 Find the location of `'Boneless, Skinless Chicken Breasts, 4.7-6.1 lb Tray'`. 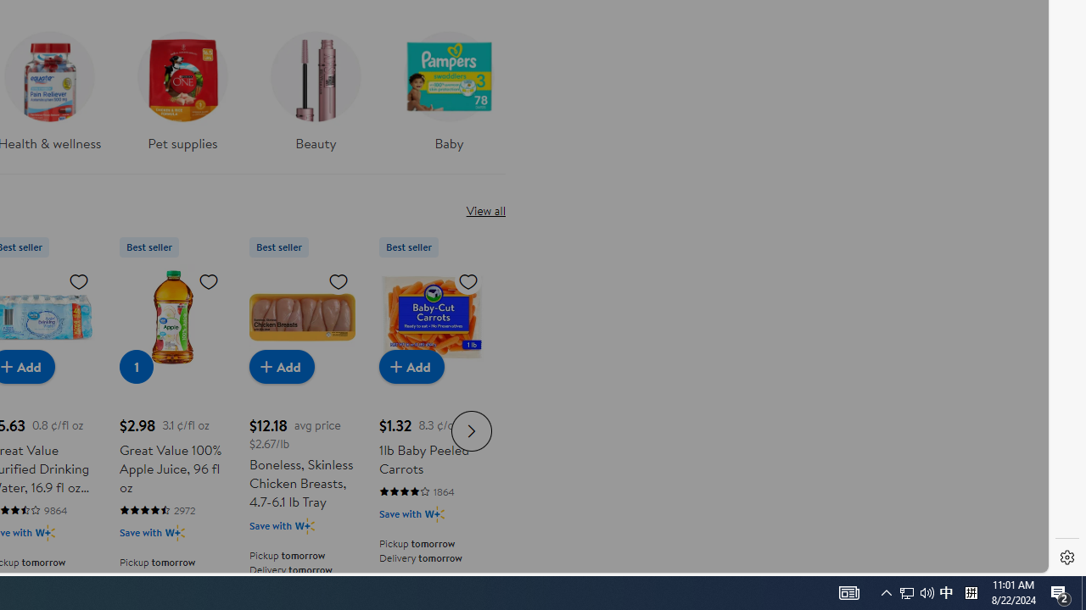

'Boneless, Skinless Chicken Breasts, 4.7-6.1 lb Tray' is located at coordinates (302, 317).